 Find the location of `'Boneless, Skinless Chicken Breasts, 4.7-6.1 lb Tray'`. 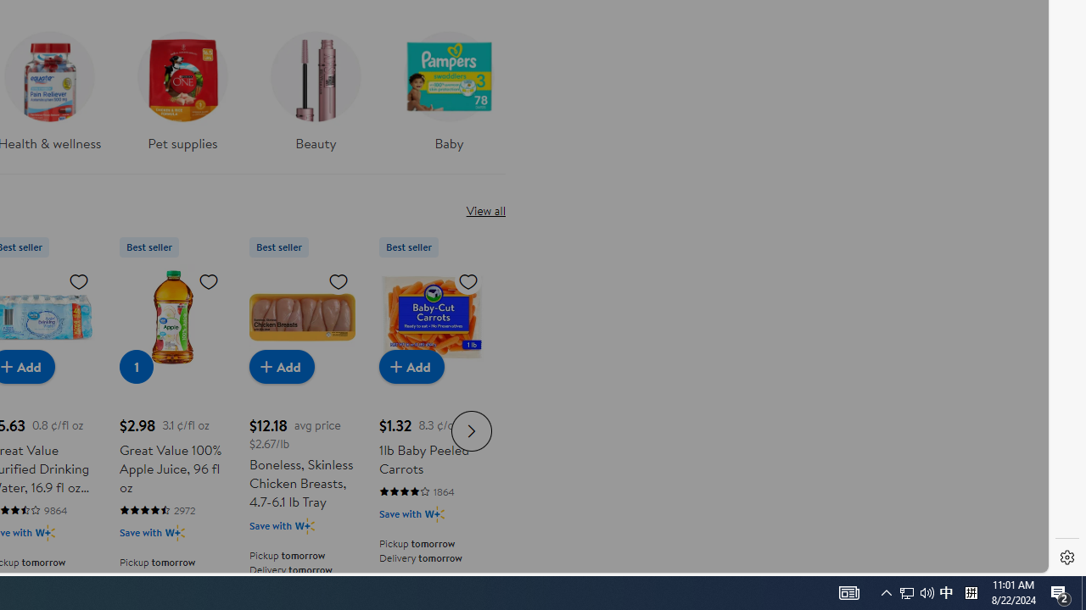

'Boneless, Skinless Chicken Breasts, 4.7-6.1 lb Tray' is located at coordinates (302, 317).